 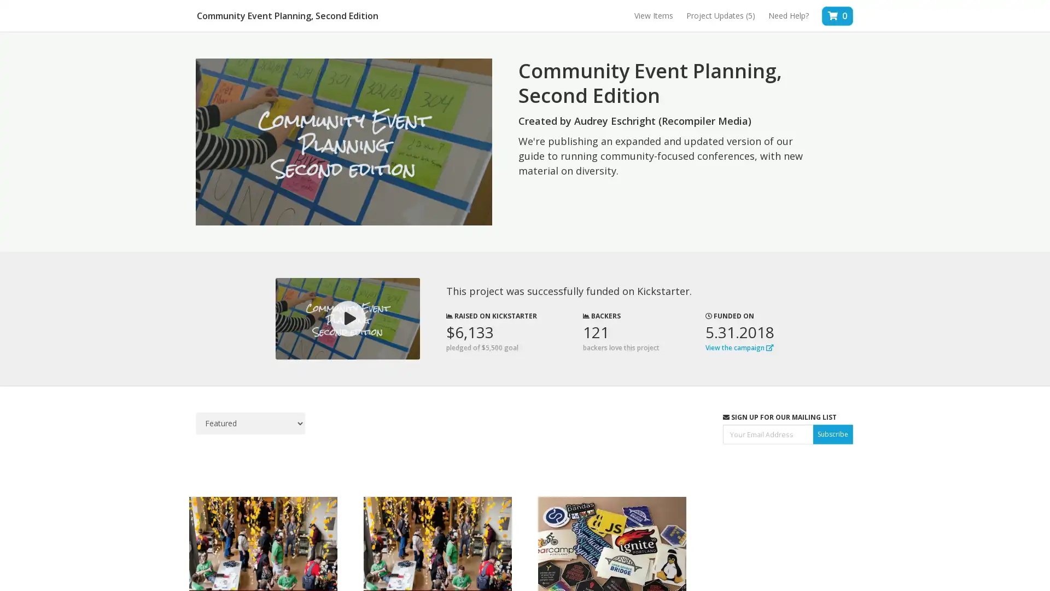 I want to click on Subscribe, so click(x=832, y=433).